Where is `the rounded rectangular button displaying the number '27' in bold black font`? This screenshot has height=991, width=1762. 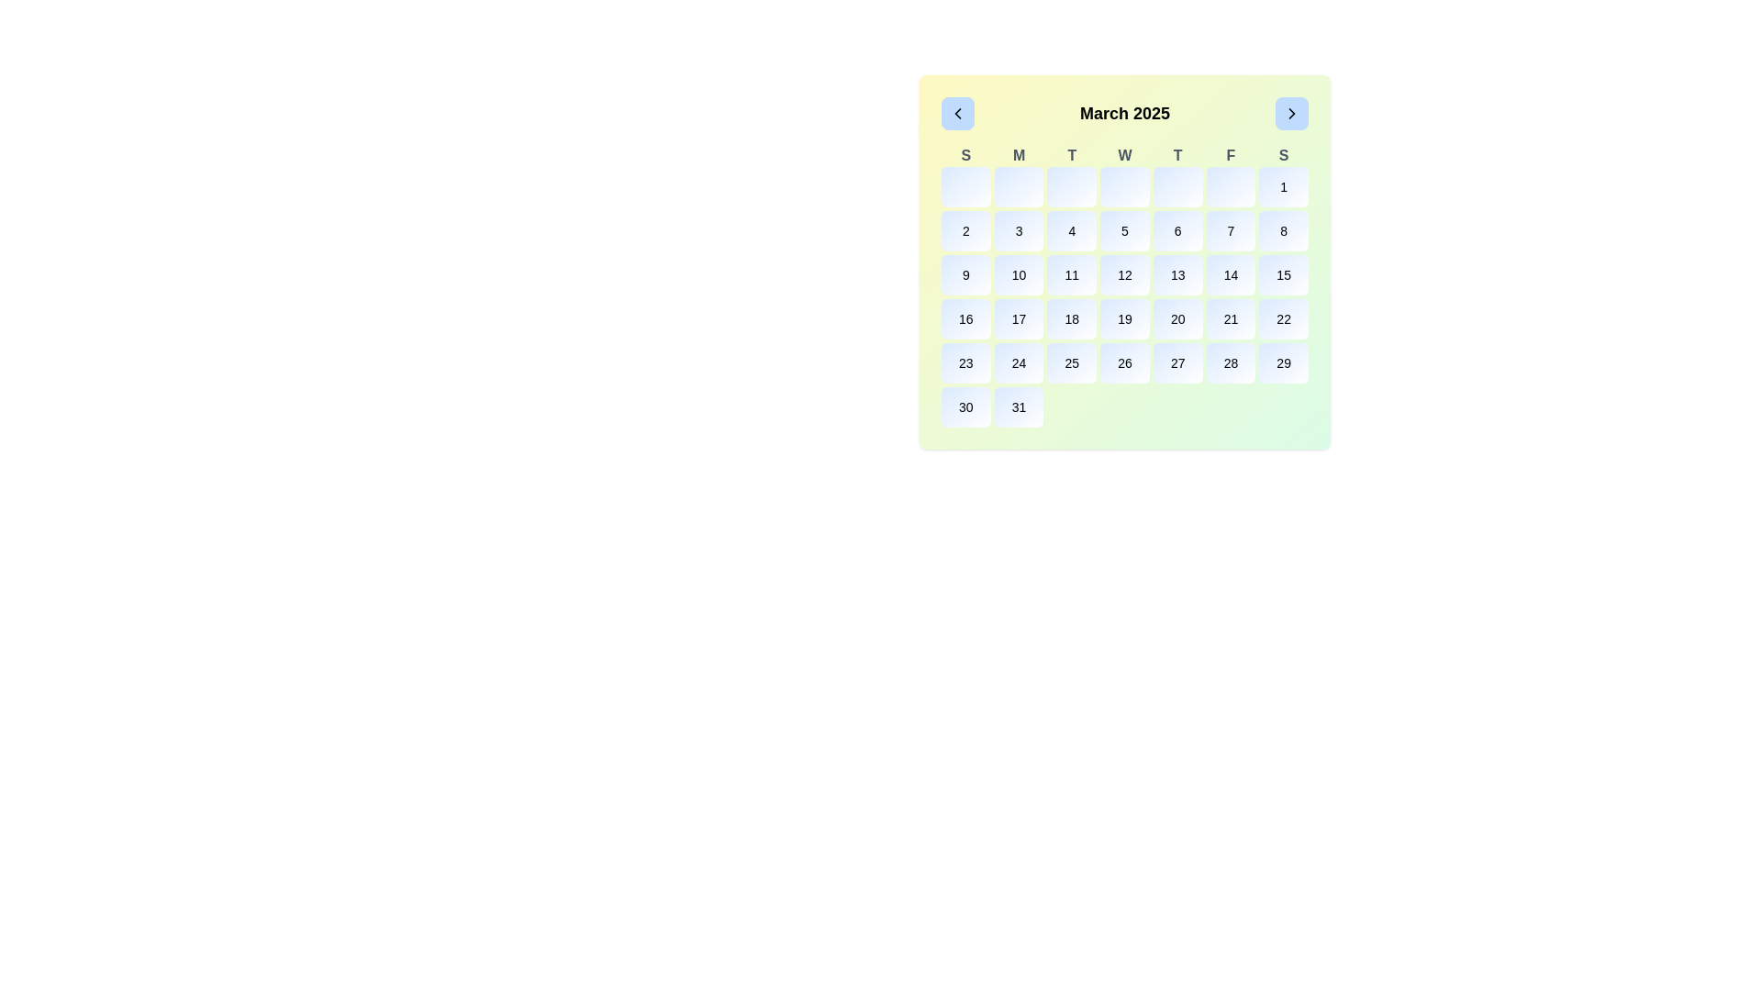
the rounded rectangular button displaying the number '27' in bold black font is located at coordinates (1177, 363).